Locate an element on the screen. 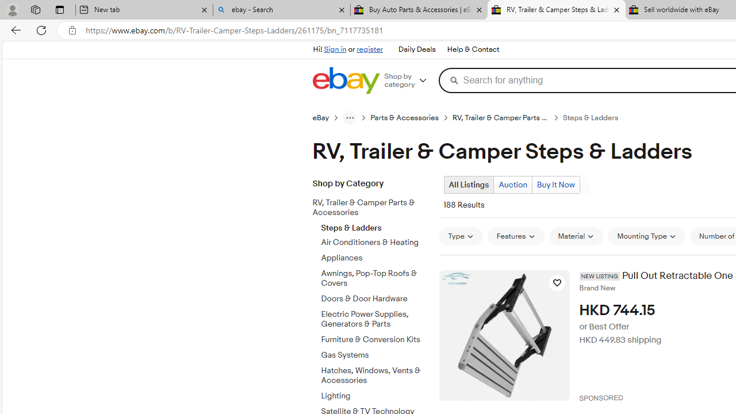 Image resolution: width=736 pixels, height=414 pixels. 'Appliances' is located at coordinates (375, 258).